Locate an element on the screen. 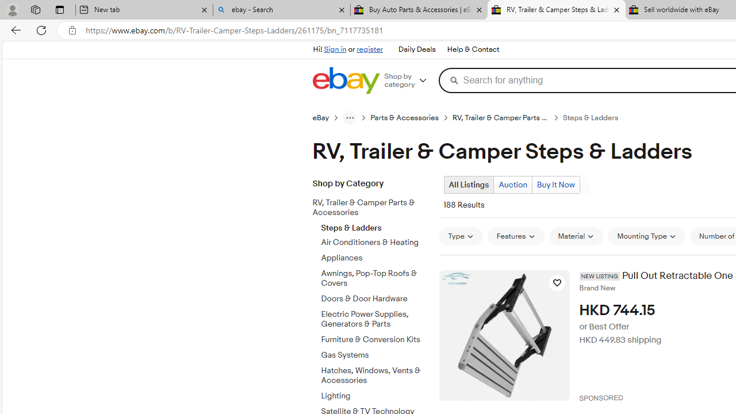 Image resolution: width=736 pixels, height=414 pixels. 'Appliances' is located at coordinates (375, 258).